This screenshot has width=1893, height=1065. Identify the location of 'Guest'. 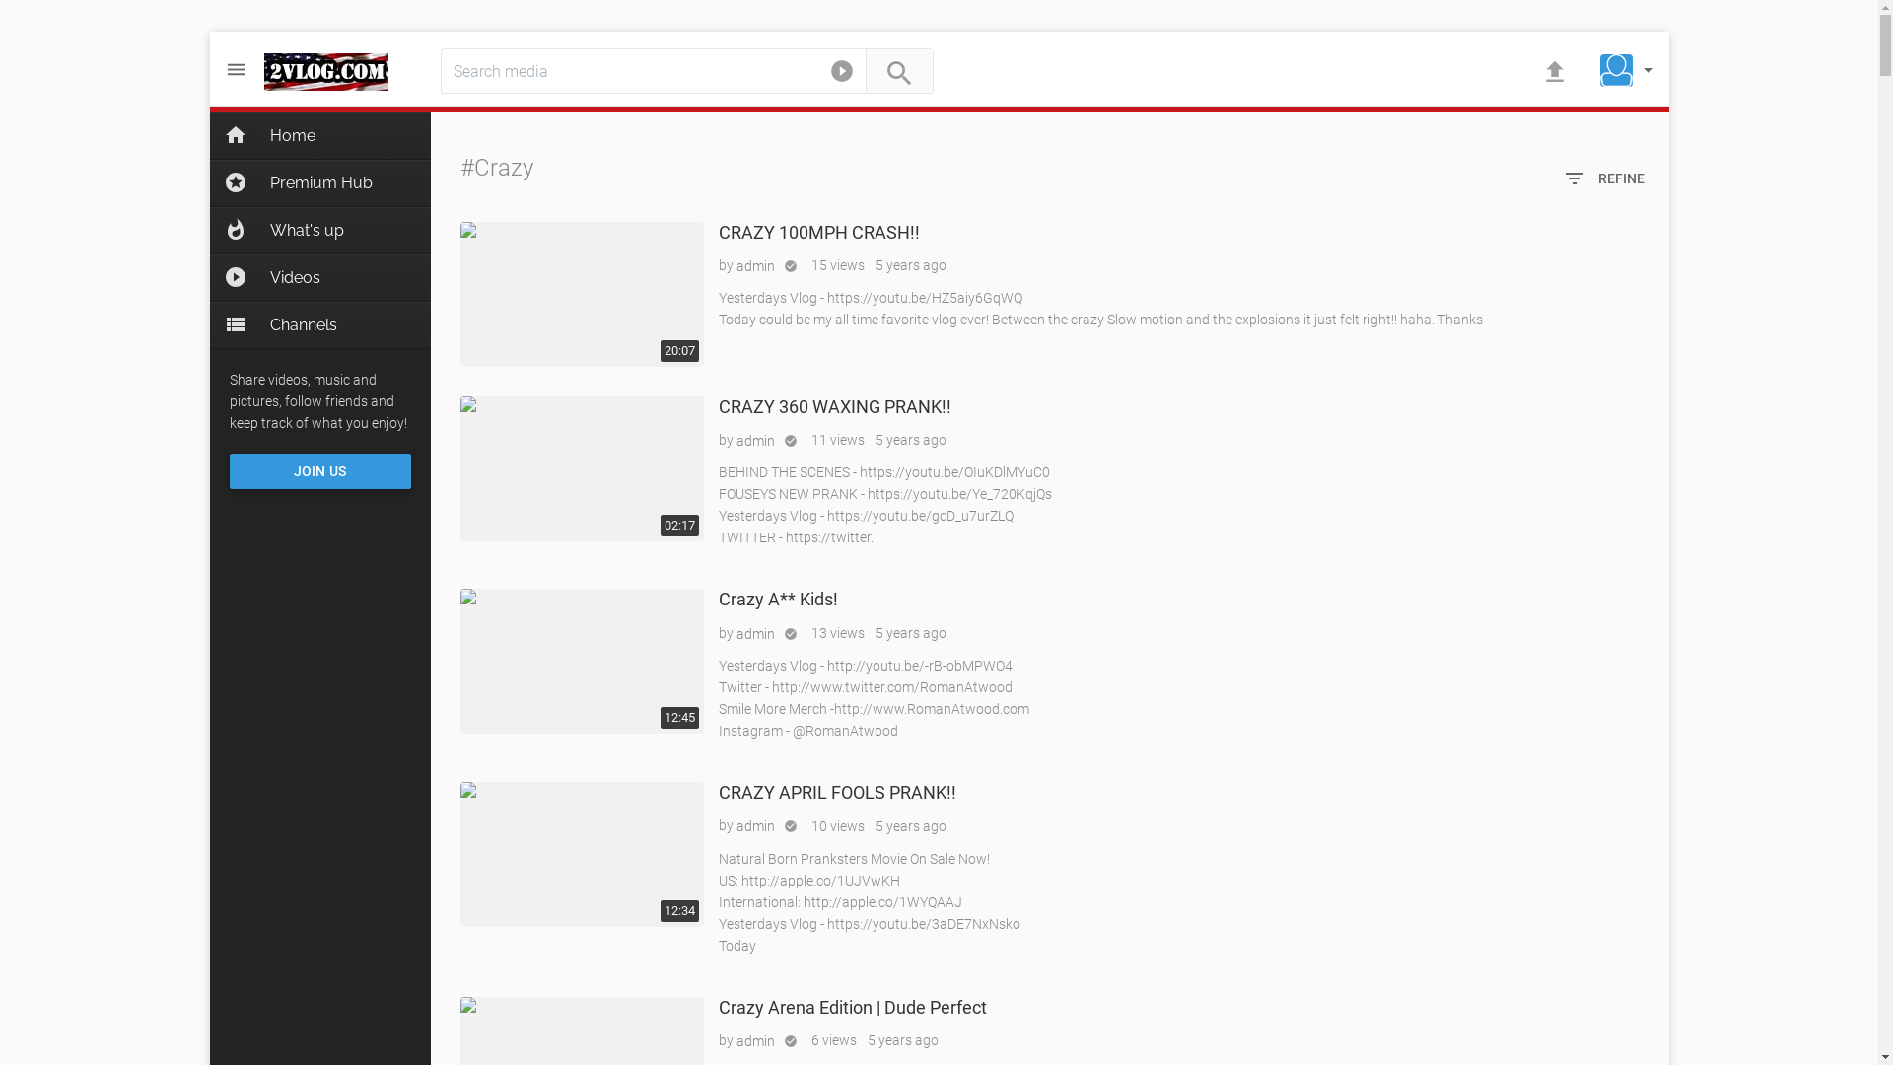
(1616, 69).